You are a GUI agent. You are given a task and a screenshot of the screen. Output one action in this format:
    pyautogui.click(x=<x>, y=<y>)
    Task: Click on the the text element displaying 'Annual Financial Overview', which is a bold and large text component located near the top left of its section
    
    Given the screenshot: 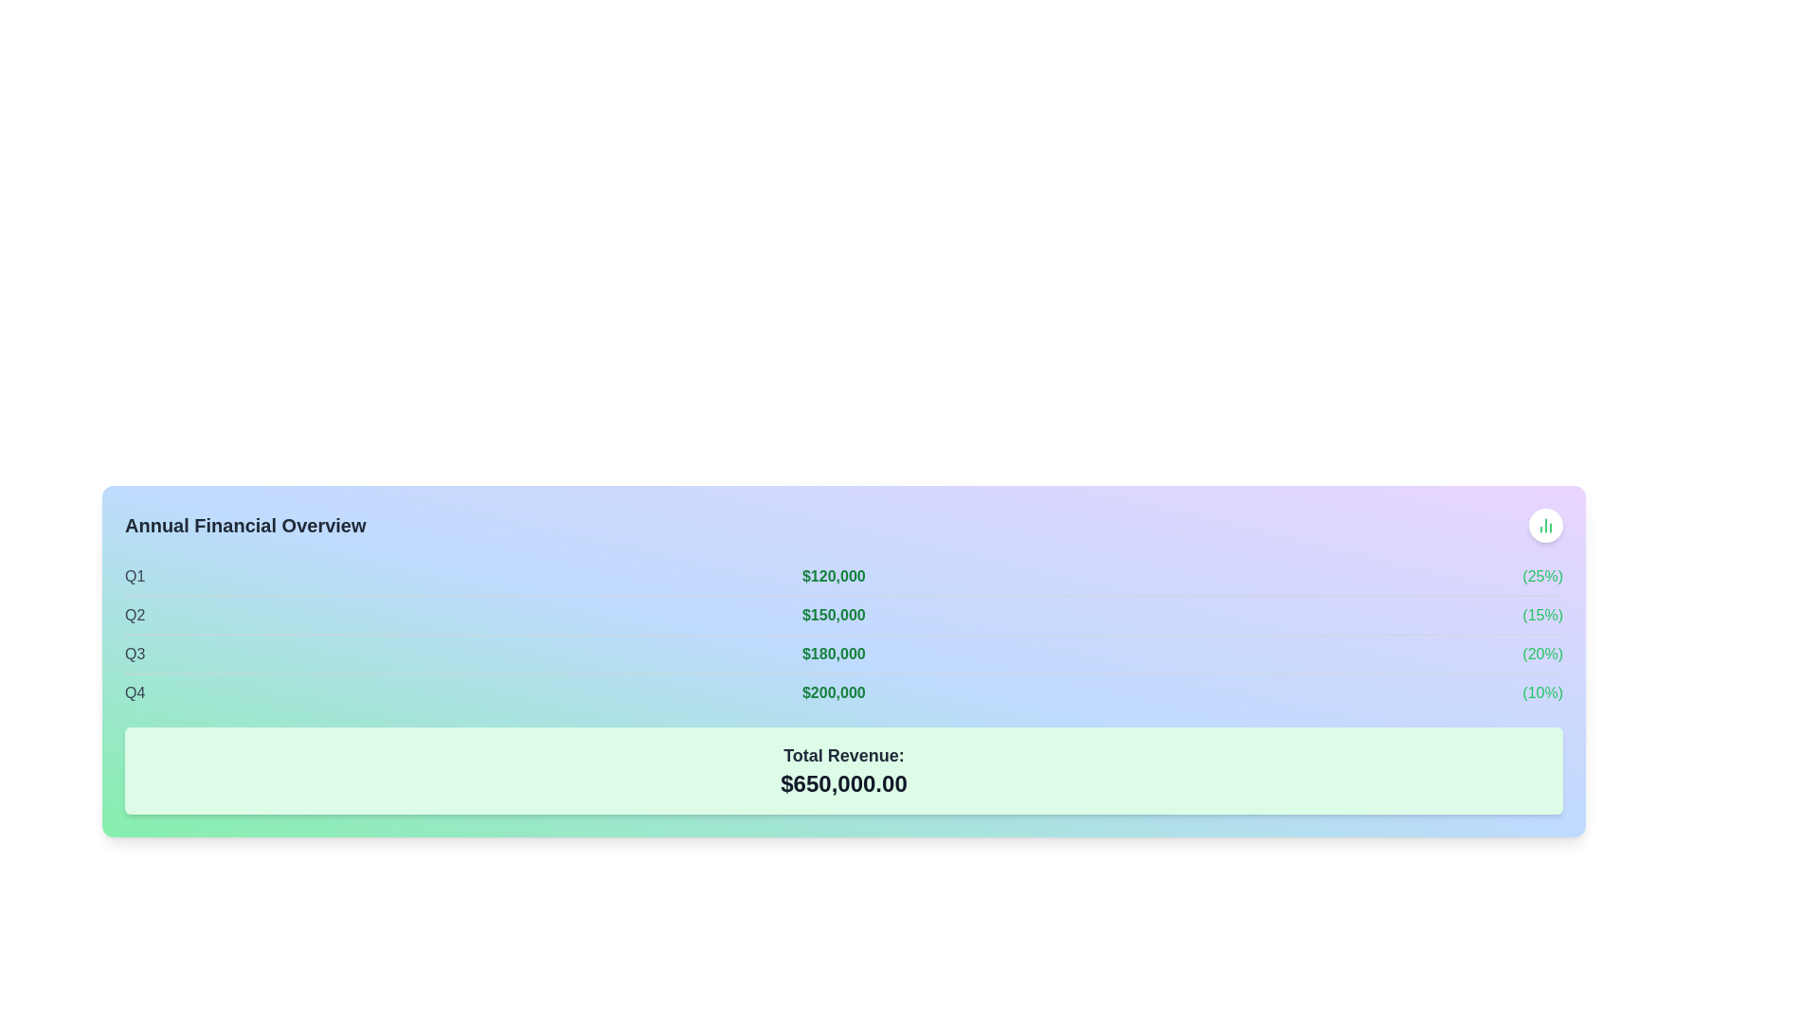 What is the action you would take?
    pyautogui.click(x=244, y=526)
    